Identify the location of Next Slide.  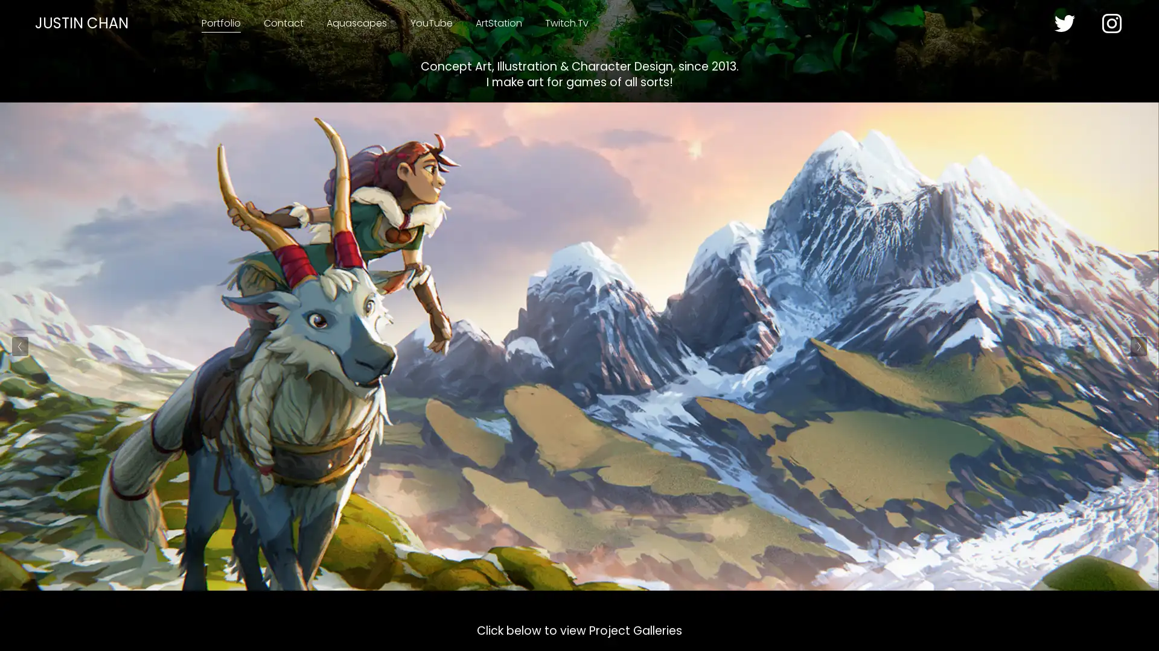
(1138, 346).